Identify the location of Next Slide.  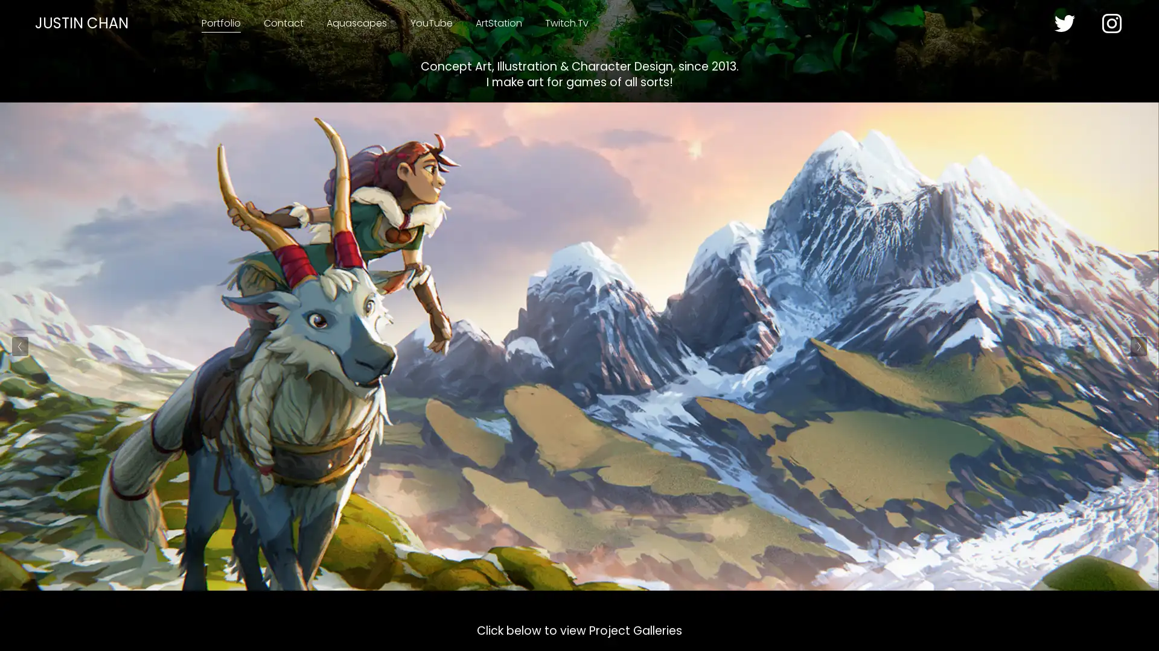
(1138, 346).